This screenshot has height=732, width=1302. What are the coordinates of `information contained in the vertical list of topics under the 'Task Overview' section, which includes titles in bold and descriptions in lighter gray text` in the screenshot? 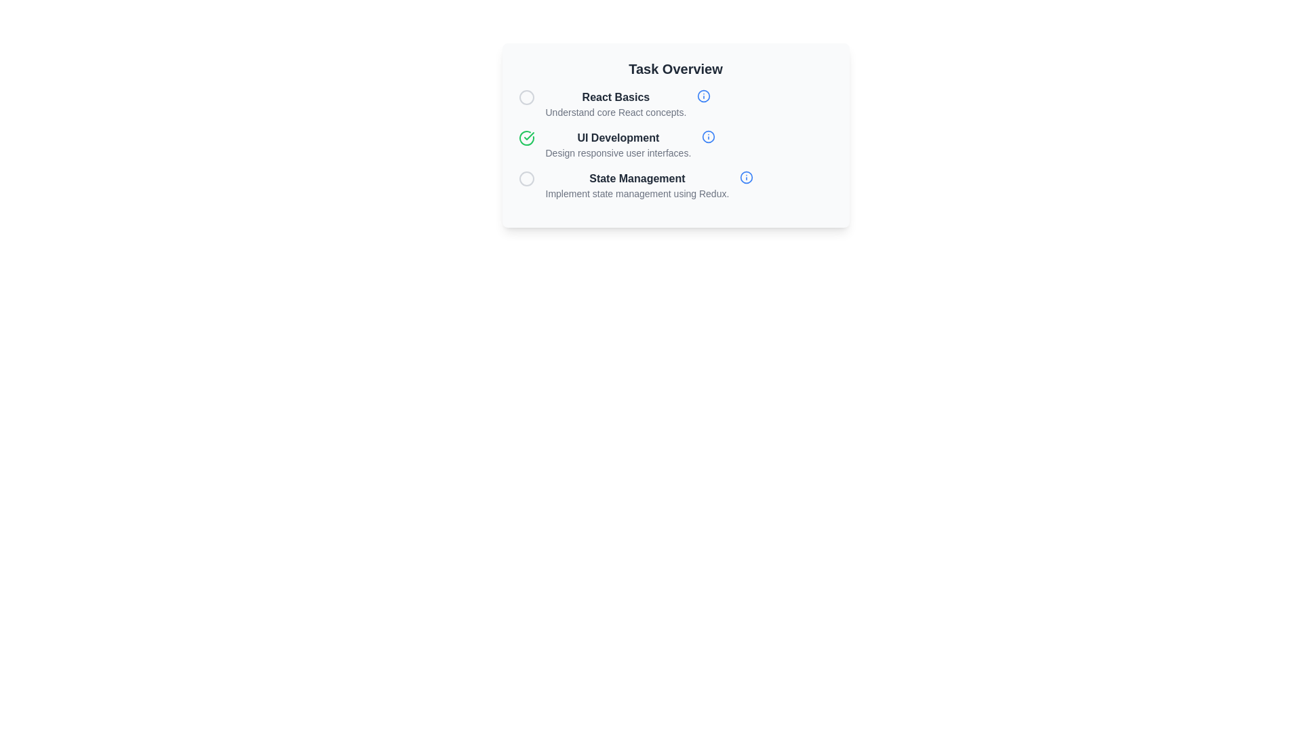 It's located at (675, 144).